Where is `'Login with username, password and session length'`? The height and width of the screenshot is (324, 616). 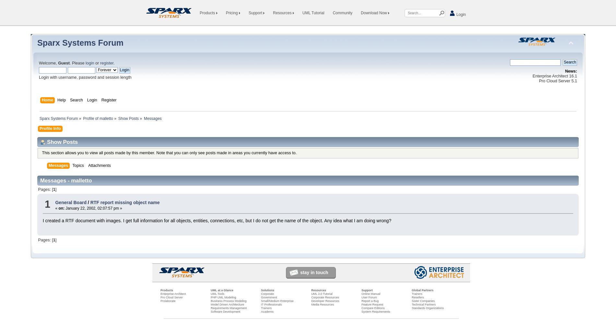 'Login with username, password and session length' is located at coordinates (85, 77).